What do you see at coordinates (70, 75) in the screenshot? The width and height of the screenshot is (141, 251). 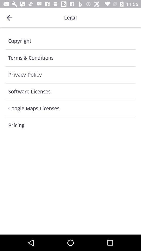 I see `item below the terms & conditions icon` at bounding box center [70, 75].